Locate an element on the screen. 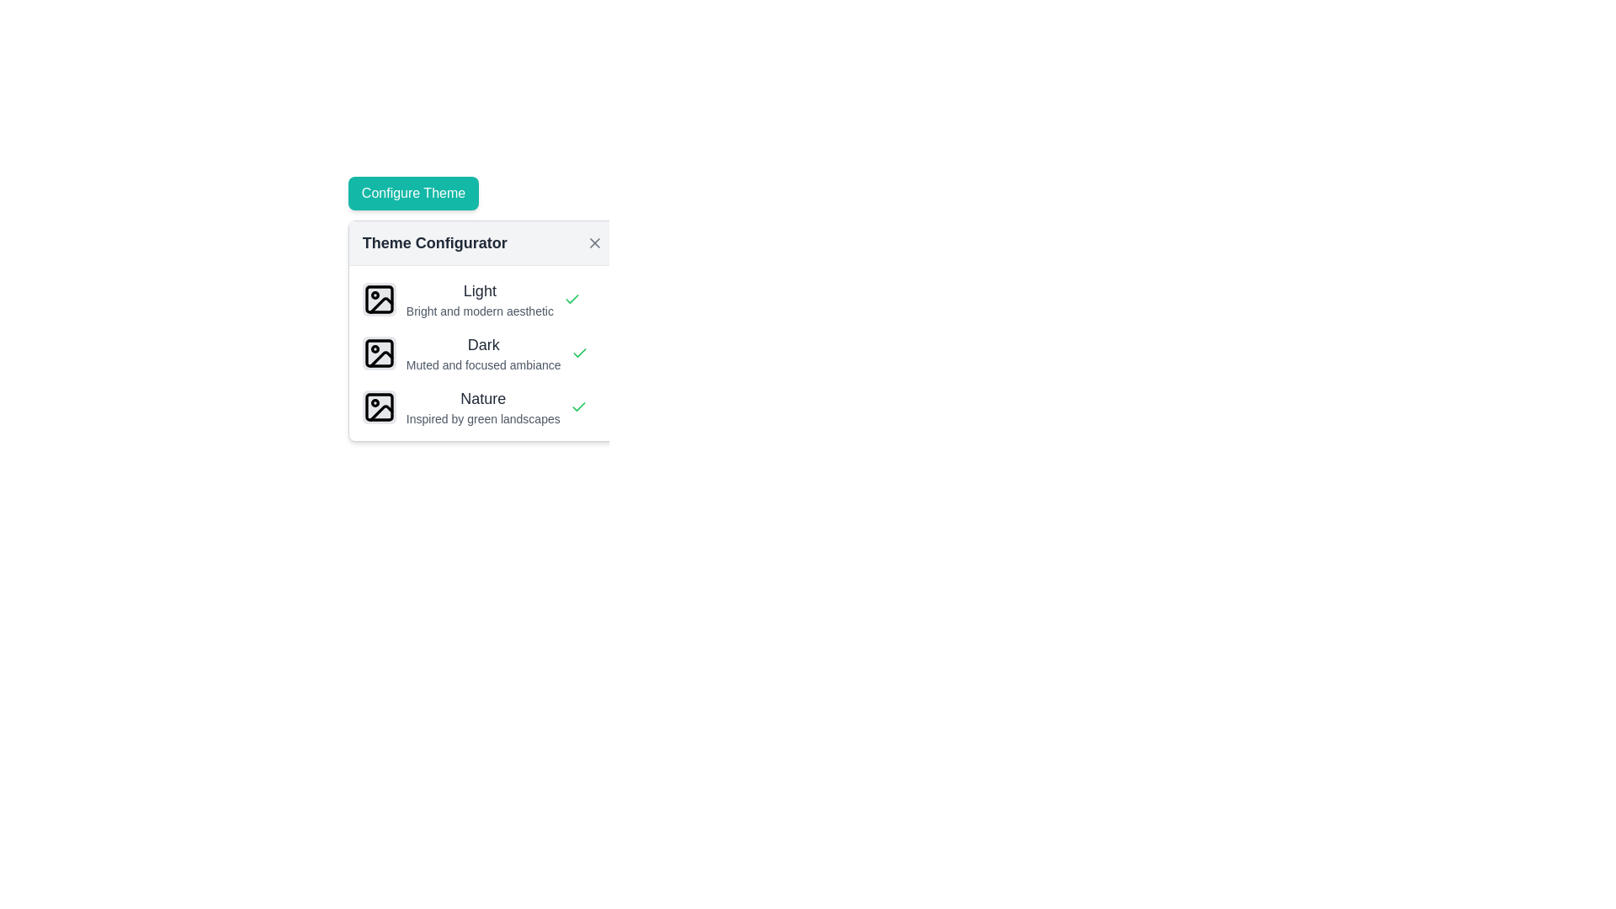 The image size is (1616, 909). the small green check mark icon located on the right side of the 'Dark' list item in the 'Theme Configurator' panel is located at coordinates (579, 353).